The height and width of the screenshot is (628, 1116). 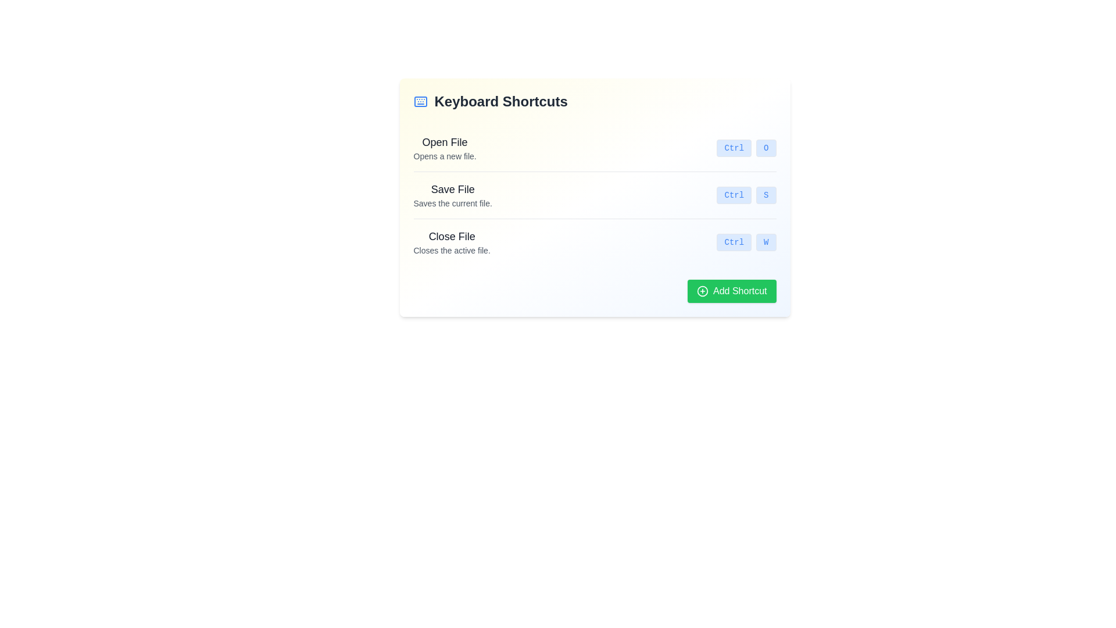 What do you see at coordinates (444, 142) in the screenshot?
I see `the 'Open File' text element, which is styled with a bold sans-serif font and prominently placed at the start of its section` at bounding box center [444, 142].